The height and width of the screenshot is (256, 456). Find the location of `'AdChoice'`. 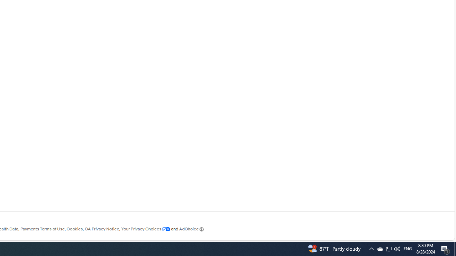

'AdChoice' is located at coordinates (192, 229).